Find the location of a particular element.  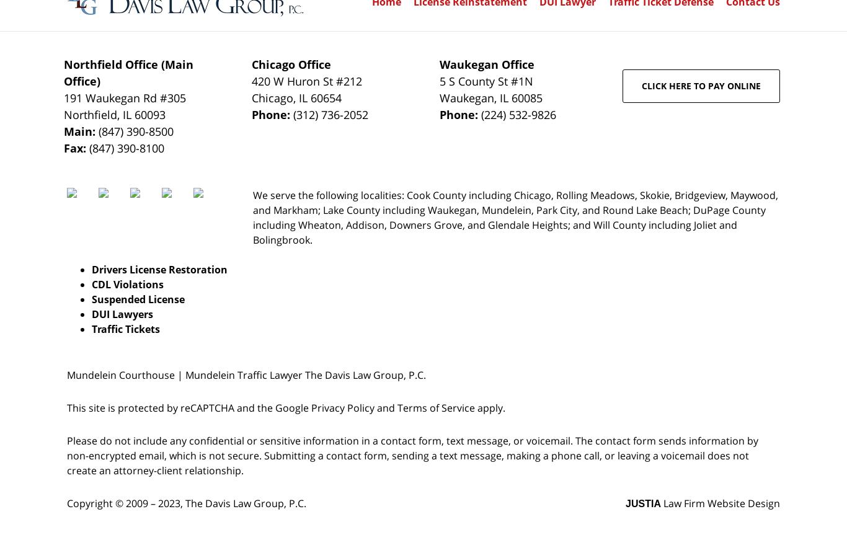

'#305' is located at coordinates (172, 97).